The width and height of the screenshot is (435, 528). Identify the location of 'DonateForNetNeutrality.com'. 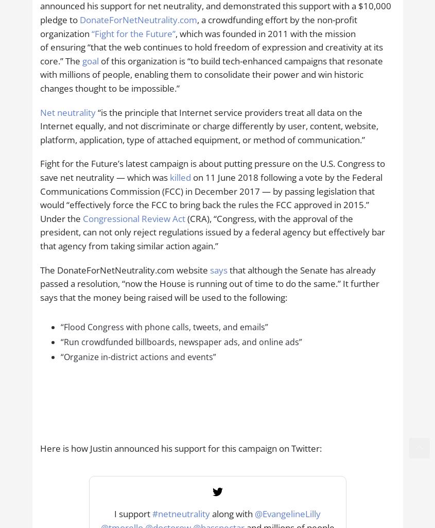
(138, 20).